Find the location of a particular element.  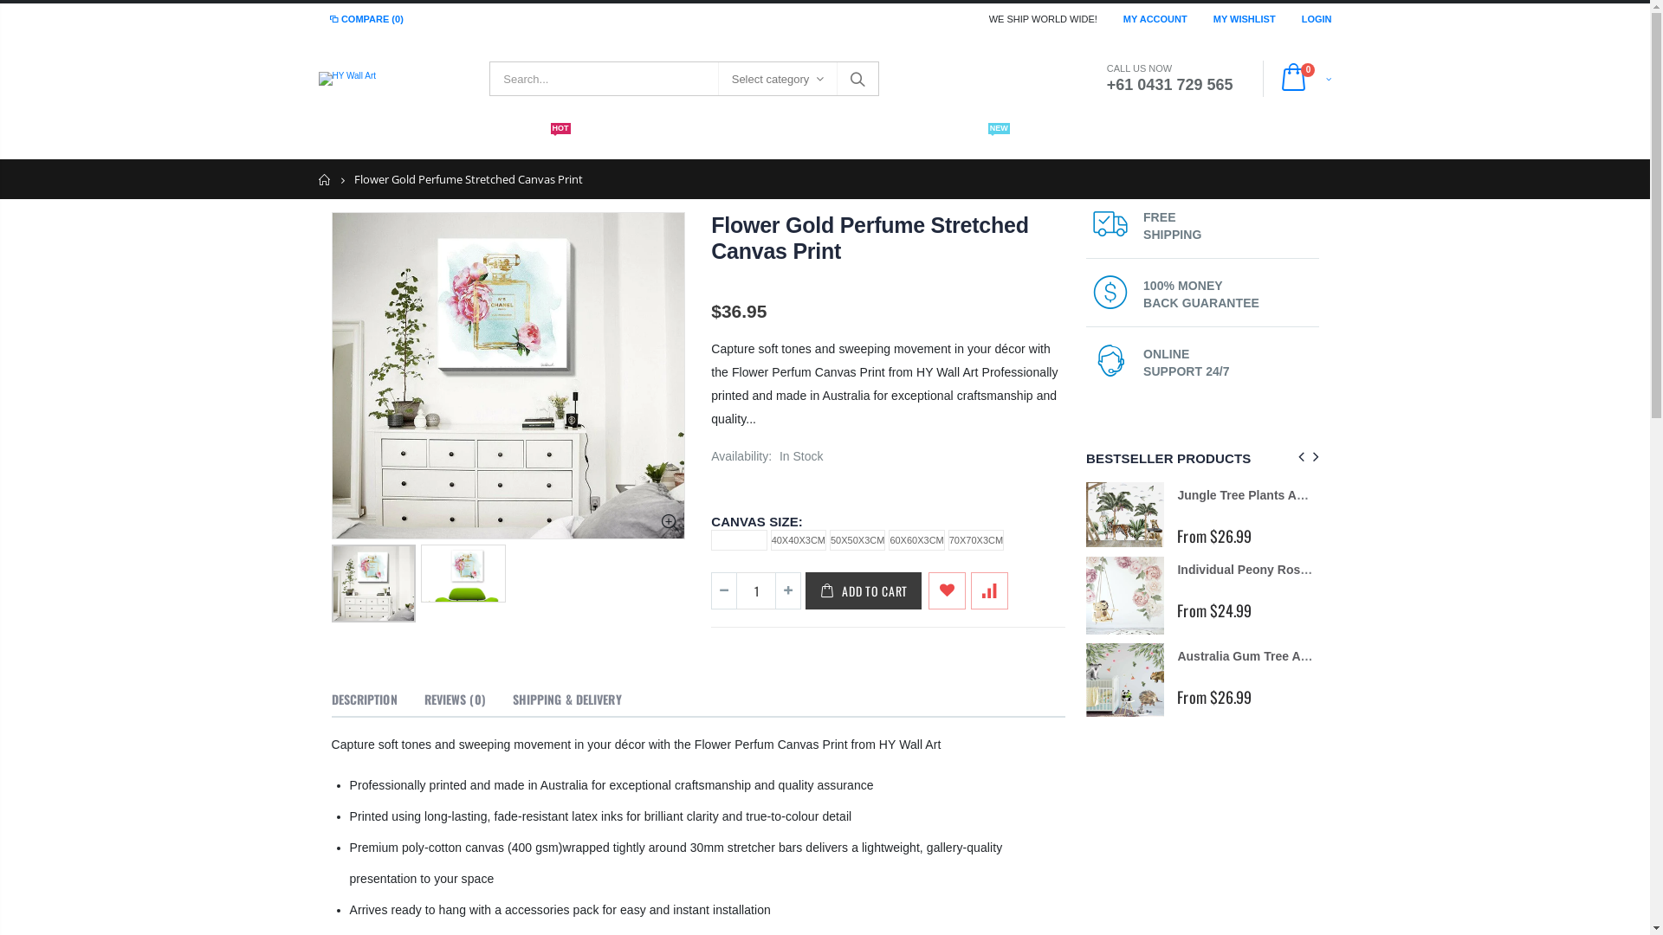

'ADD TO CART' is located at coordinates (864, 590).